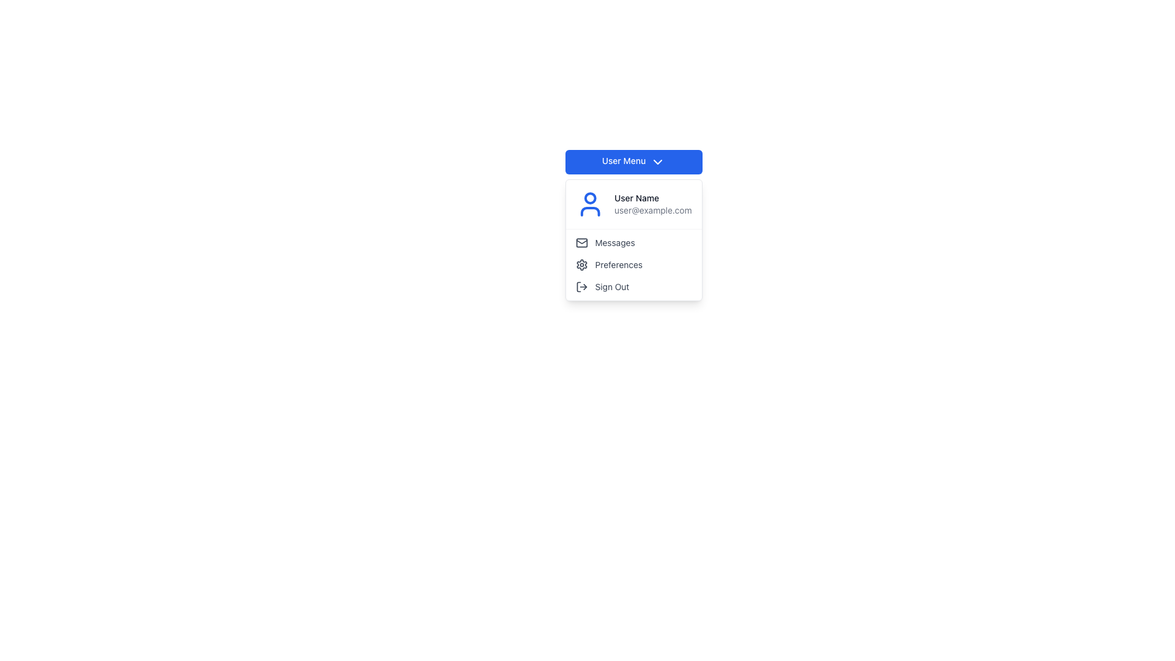 Image resolution: width=1175 pixels, height=661 pixels. Describe the element at coordinates (581, 264) in the screenshot. I see `the gear icon located in the dropdown menu under the label 'Preferences'` at that location.